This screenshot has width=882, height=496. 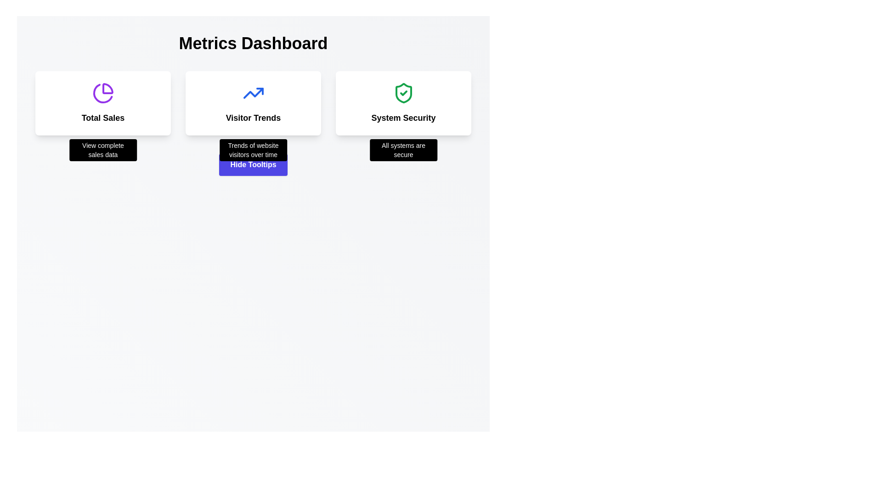 I want to click on the left segment of the pie chart icon in the 'Total Sales' card on the dashboard, so click(x=102, y=93).